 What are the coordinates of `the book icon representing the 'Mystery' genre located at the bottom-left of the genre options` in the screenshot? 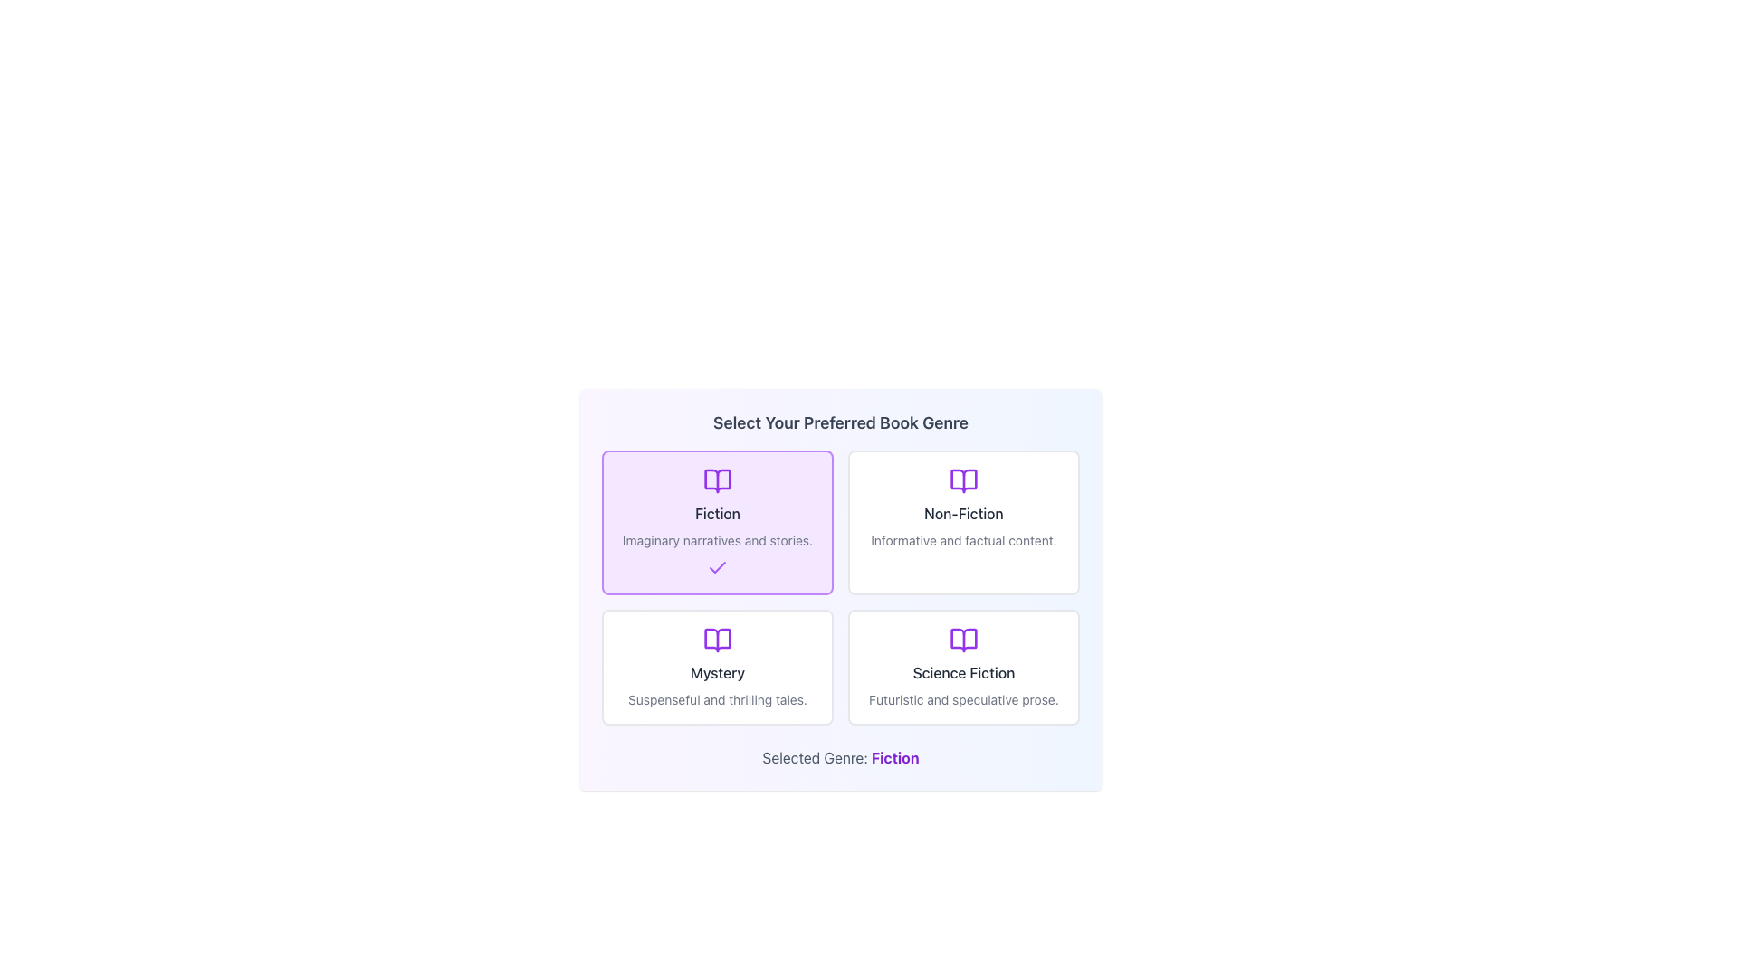 It's located at (716, 640).